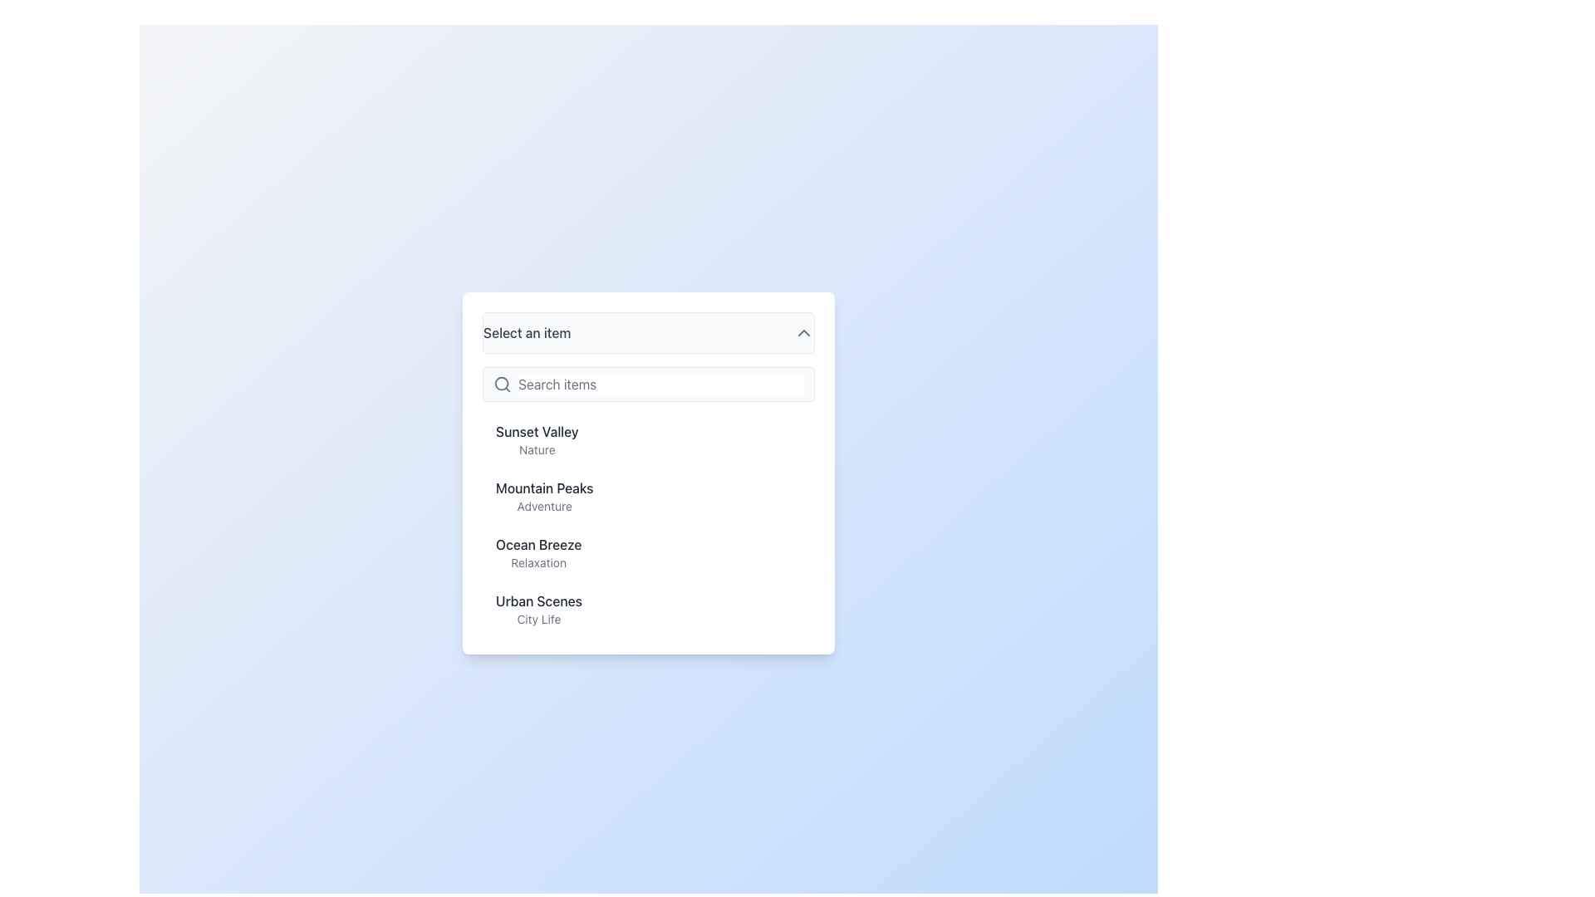 This screenshot has height=897, width=1595. What do you see at coordinates (526, 333) in the screenshot?
I see `the text label that says 'Select an item', which is styled in medium-sized gray font and is part of a dropdown interface` at bounding box center [526, 333].